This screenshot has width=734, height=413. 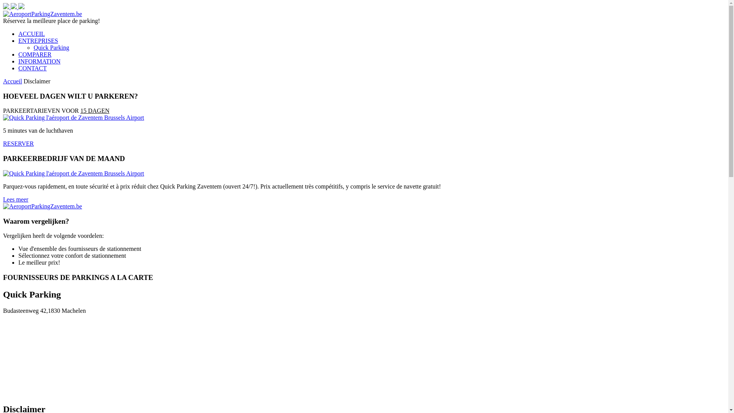 What do you see at coordinates (13, 81) in the screenshot?
I see `'Accueil'` at bounding box center [13, 81].